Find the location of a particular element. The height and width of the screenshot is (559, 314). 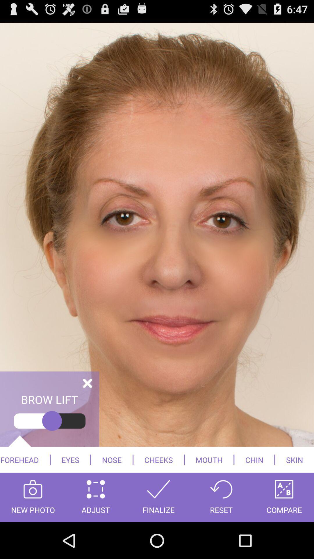

cheeks icon is located at coordinates (158, 459).